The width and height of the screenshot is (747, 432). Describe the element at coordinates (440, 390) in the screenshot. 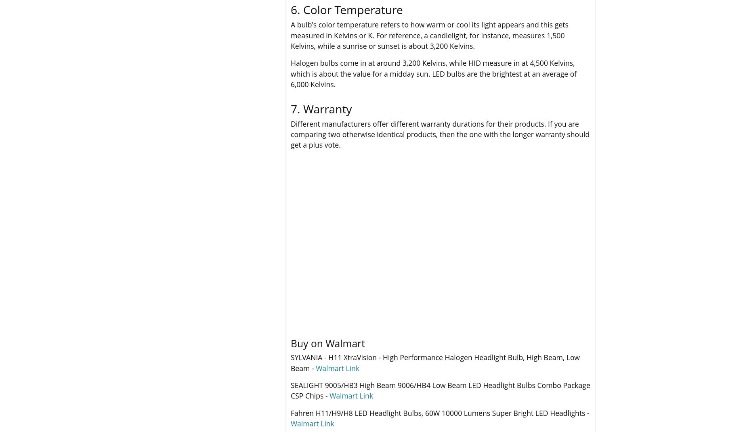

I see `'SEALIGHT 9005/HB3 High Beam 9006/HB4 Low Beam LED Headlight Bulbs Combo Package CSP Chips -'` at that location.